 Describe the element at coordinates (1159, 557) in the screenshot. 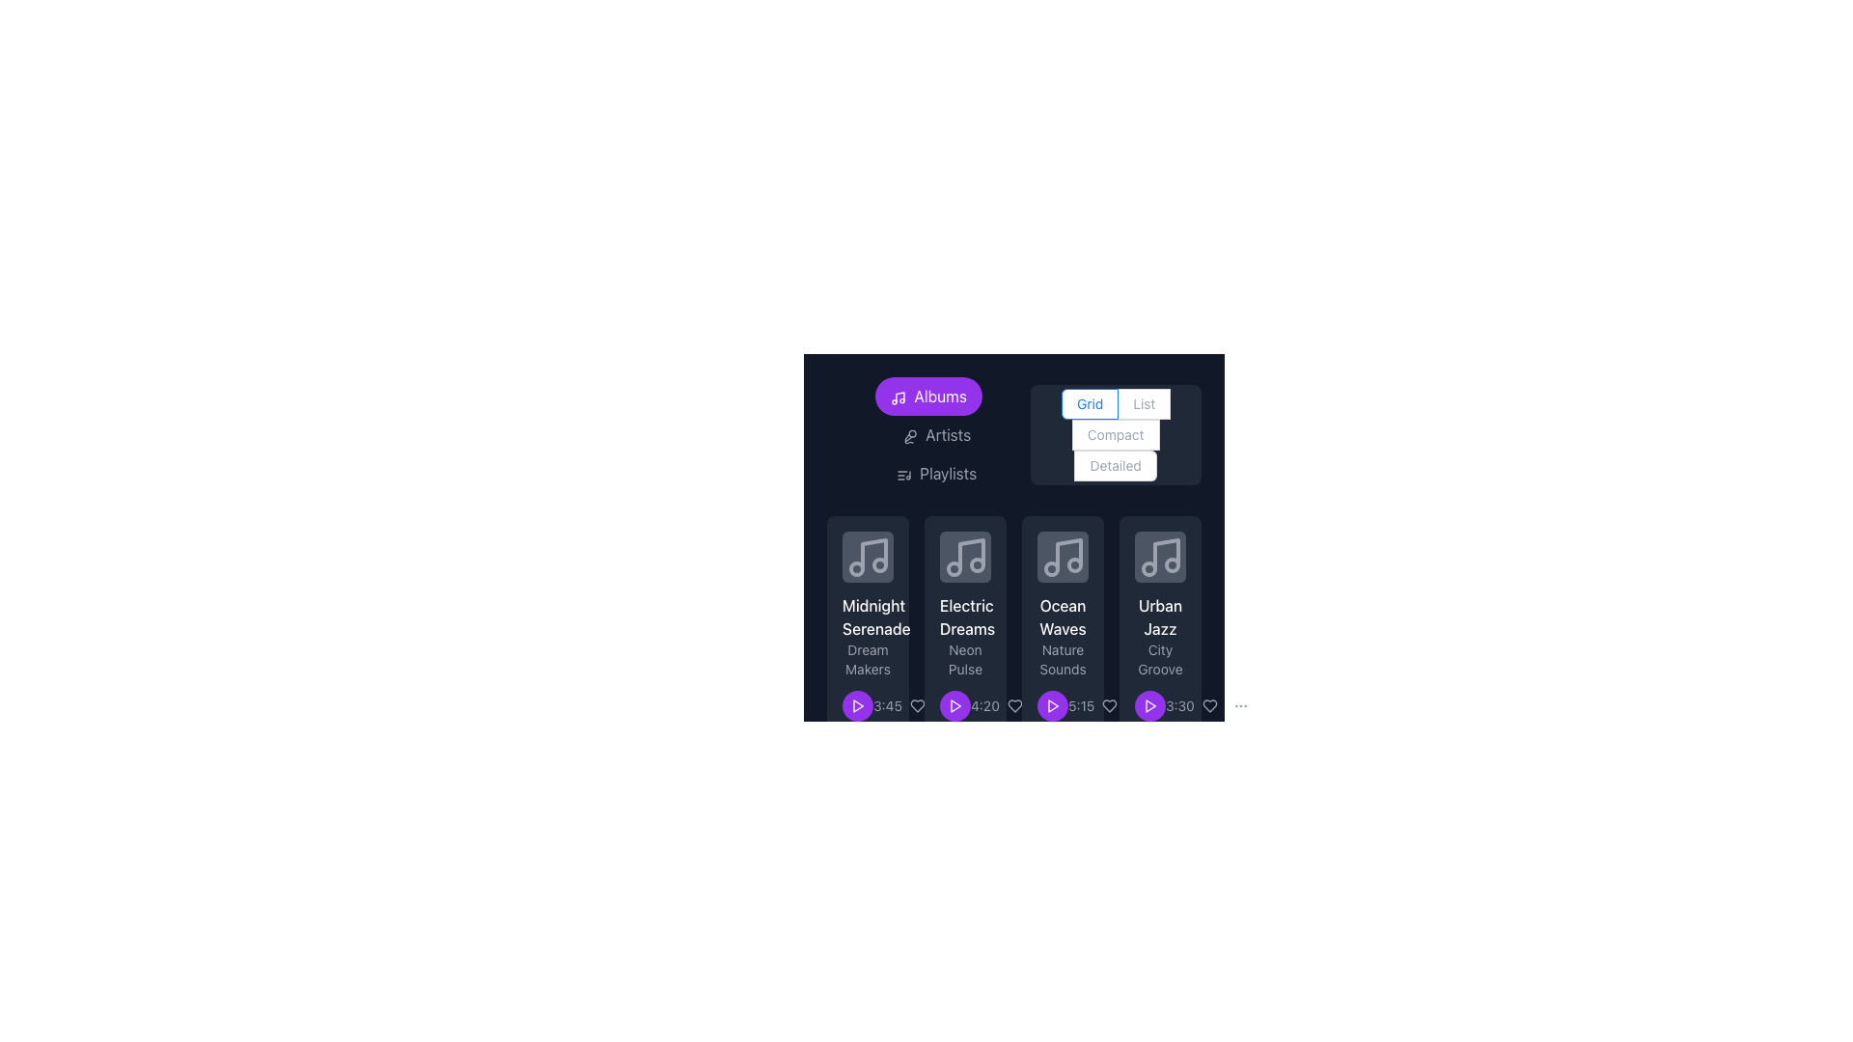

I see `the Icon placeholder representing the music album 'Urban Jazz', located in the 'City Groove' component of the album grid interface` at that location.